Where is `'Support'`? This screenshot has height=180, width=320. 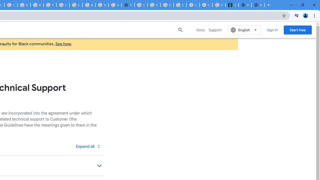
'Support' is located at coordinates (215, 30).